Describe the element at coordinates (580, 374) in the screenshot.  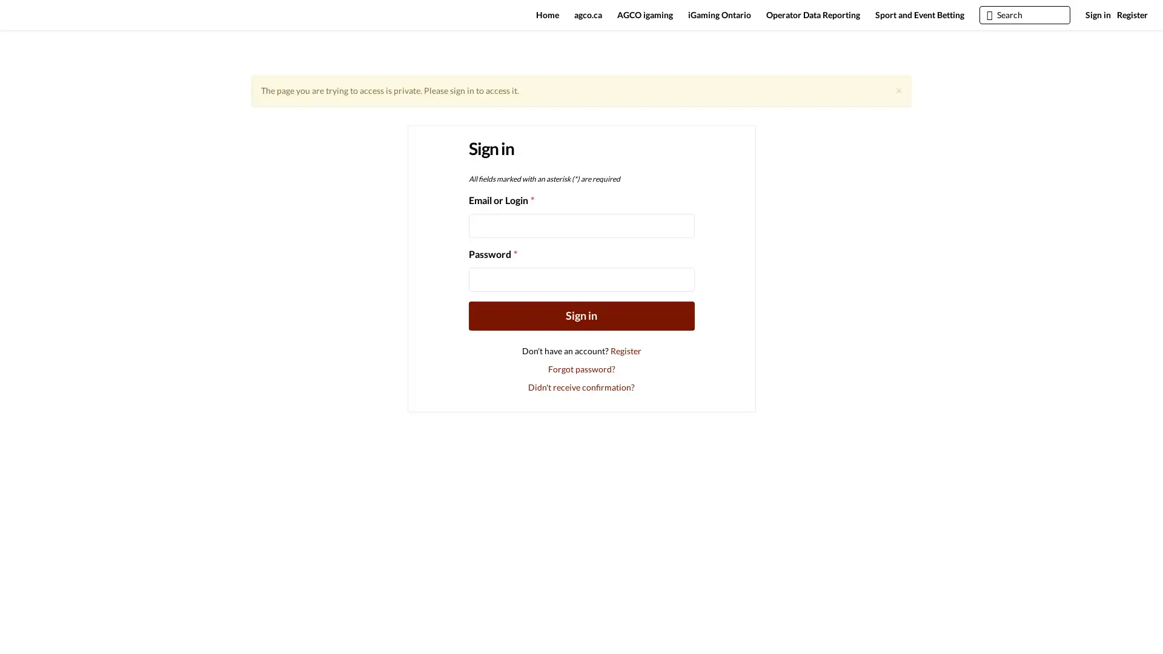
I see `Forgot password?` at that location.